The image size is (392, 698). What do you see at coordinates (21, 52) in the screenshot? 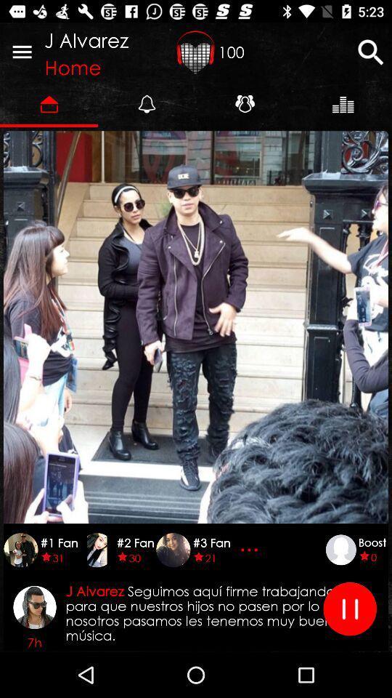
I see `icon next to j alvarez icon` at bounding box center [21, 52].